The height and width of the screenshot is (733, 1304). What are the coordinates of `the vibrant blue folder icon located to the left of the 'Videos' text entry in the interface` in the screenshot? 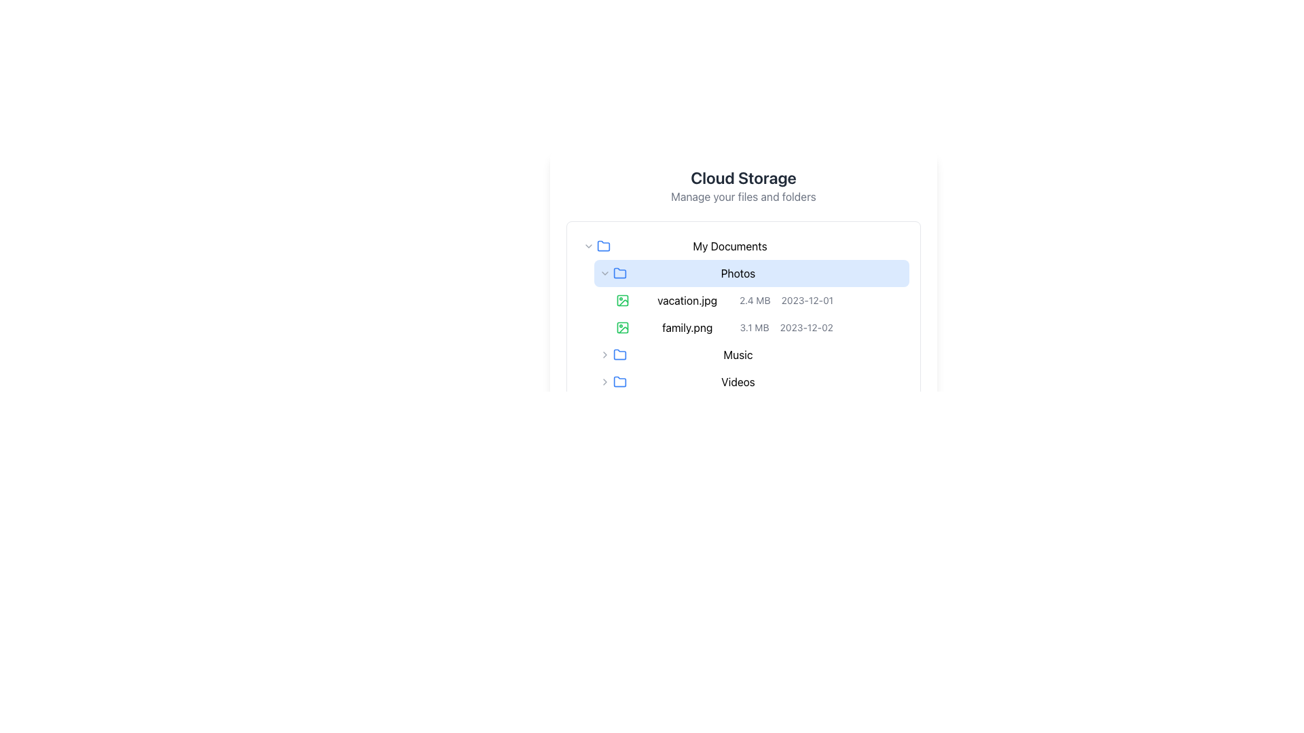 It's located at (619, 382).